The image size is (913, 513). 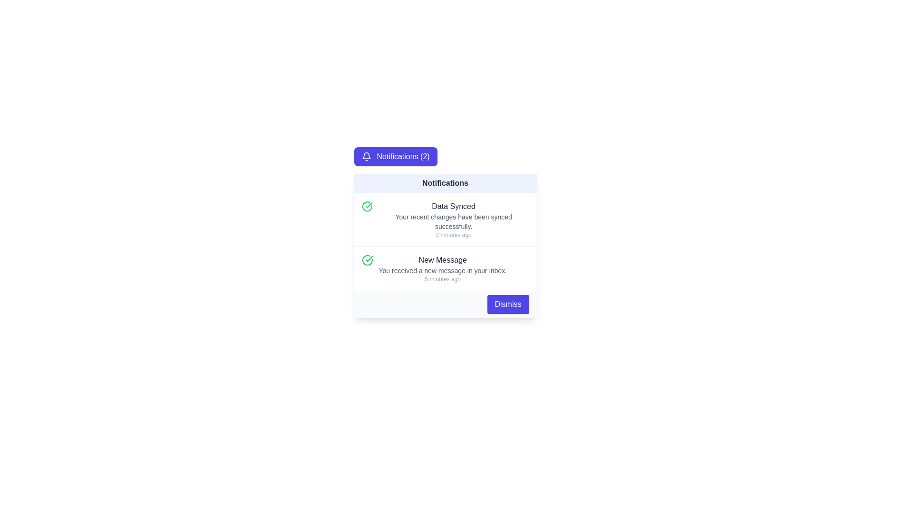 What do you see at coordinates (442, 269) in the screenshot?
I see `the static text notification titled 'New Message', which includes the message 'You received a new message in your inbox' and the timestamp '5 minutes ago'` at bounding box center [442, 269].